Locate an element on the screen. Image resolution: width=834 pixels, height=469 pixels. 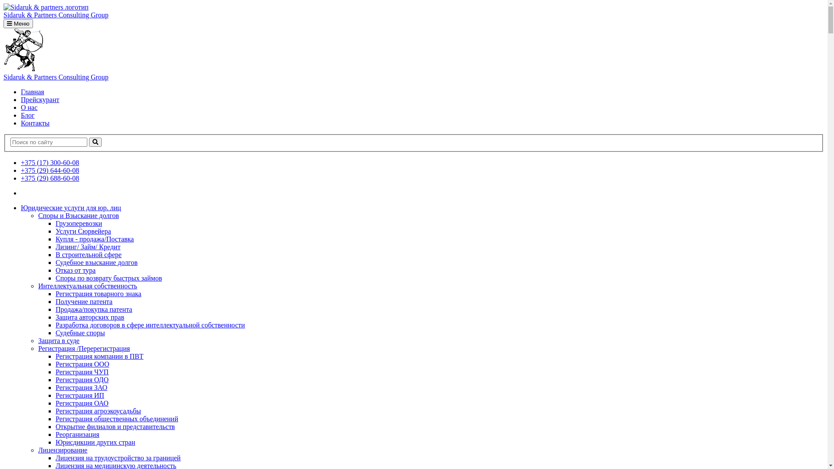
'+375 (29) 688-60-08' is located at coordinates (21, 178).